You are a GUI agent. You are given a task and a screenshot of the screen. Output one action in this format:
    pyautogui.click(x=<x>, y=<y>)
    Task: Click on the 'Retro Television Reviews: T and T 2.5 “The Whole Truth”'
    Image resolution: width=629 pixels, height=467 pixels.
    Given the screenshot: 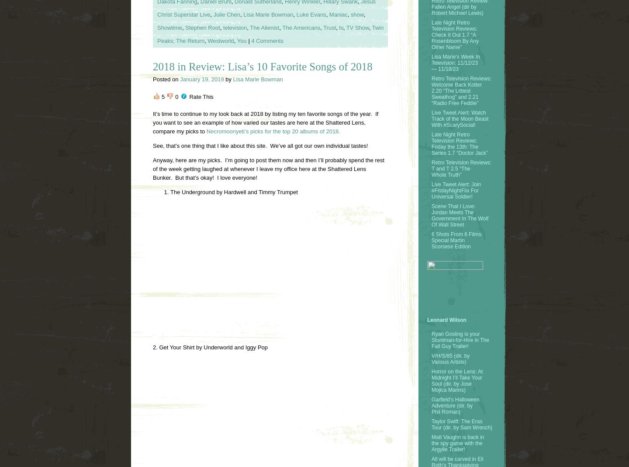 What is the action you would take?
    pyautogui.click(x=461, y=168)
    